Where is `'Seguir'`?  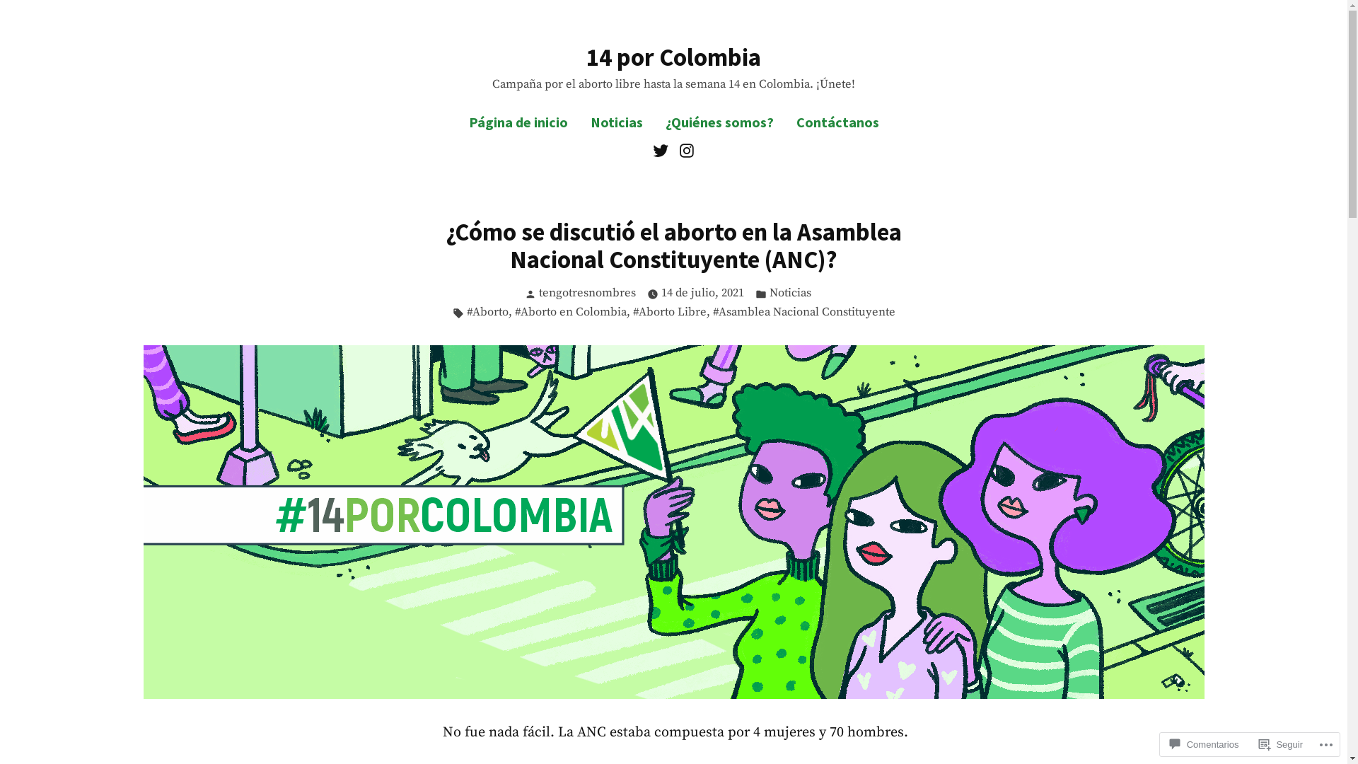
'Seguir' is located at coordinates (1280, 743).